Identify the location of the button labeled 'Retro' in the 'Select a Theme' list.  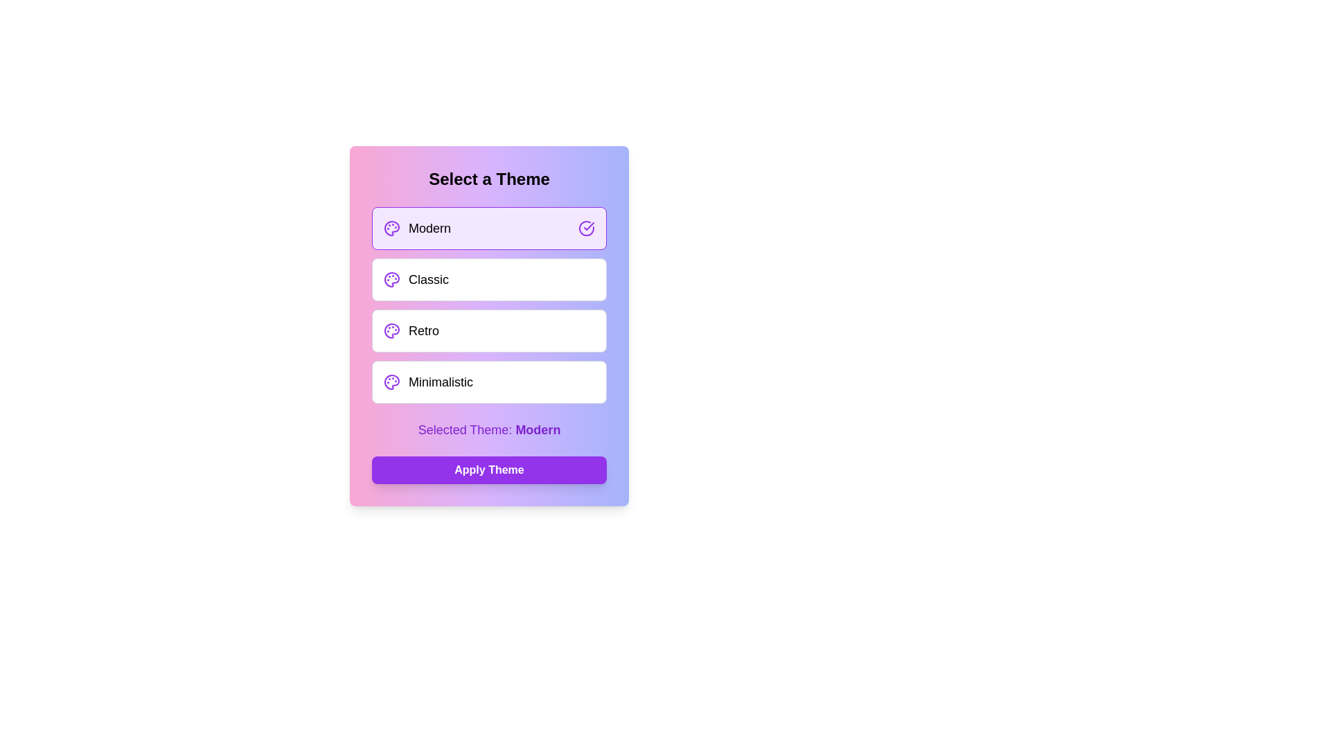
(489, 331).